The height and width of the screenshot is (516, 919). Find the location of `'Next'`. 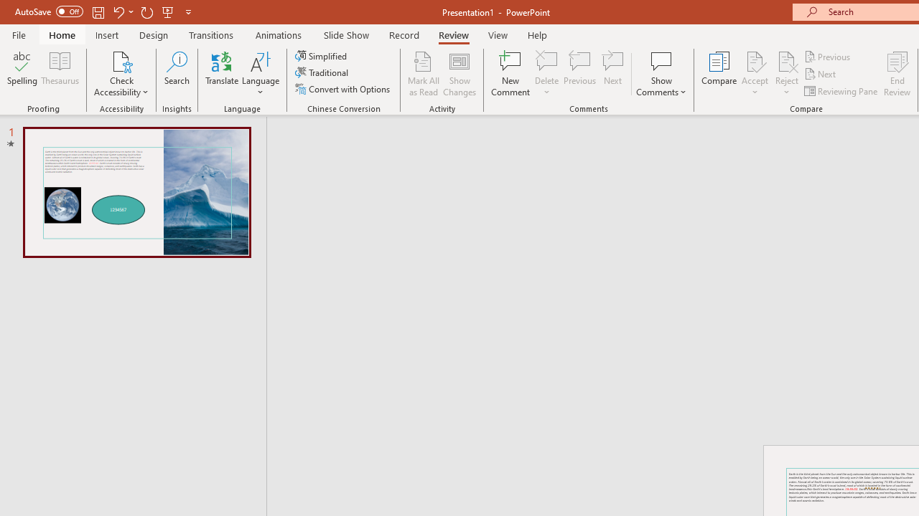

'Next' is located at coordinates (821, 74).